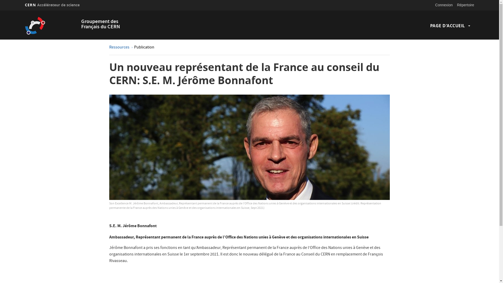 The height and width of the screenshot is (283, 503). I want to click on 'Connexion', so click(433, 5).